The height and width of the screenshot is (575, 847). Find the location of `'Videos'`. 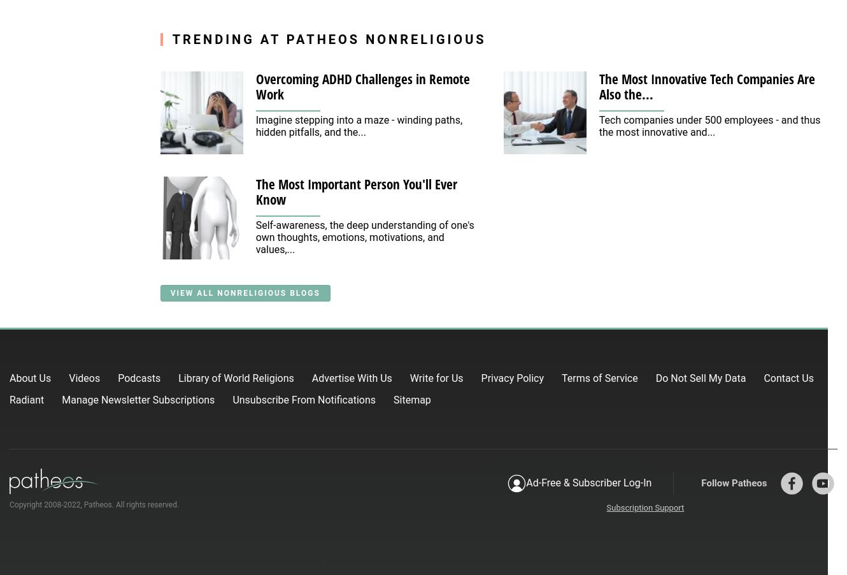

'Videos' is located at coordinates (84, 377).